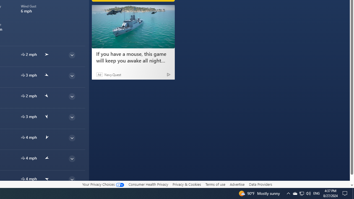 Image resolution: width=354 pixels, height=199 pixels. I want to click on 'User Promoted Notification Area', so click(301, 193).